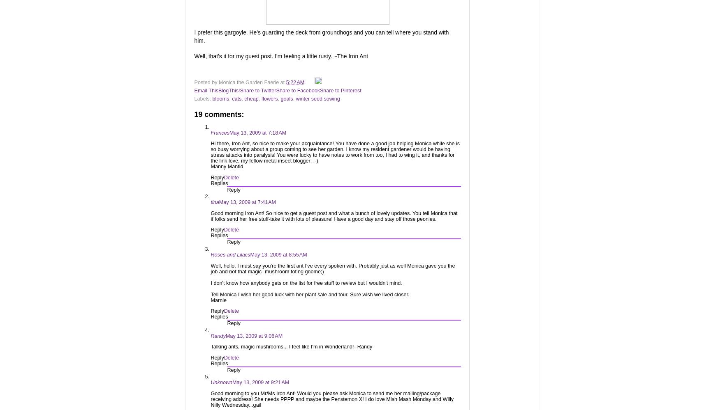 This screenshot has width=725, height=410. What do you see at coordinates (249, 81) in the screenshot?
I see `'Monica the Garden Faerie'` at bounding box center [249, 81].